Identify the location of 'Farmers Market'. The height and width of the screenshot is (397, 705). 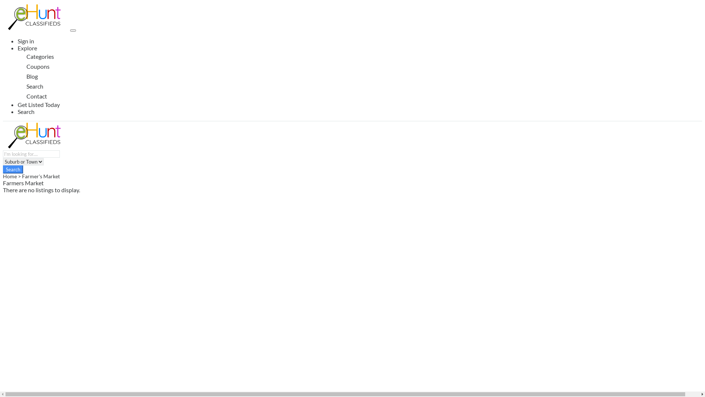
(23, 182).